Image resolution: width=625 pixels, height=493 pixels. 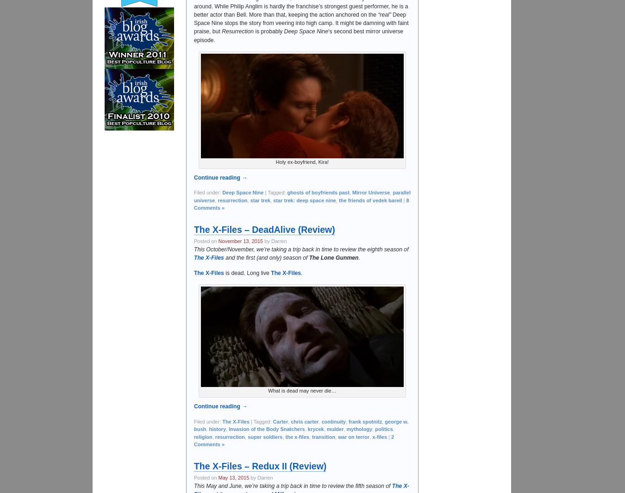 What do you see at coordinates (218, 240) in the screenshot?
I see `'November 13, 2015'` at bounding box center [218, 240].